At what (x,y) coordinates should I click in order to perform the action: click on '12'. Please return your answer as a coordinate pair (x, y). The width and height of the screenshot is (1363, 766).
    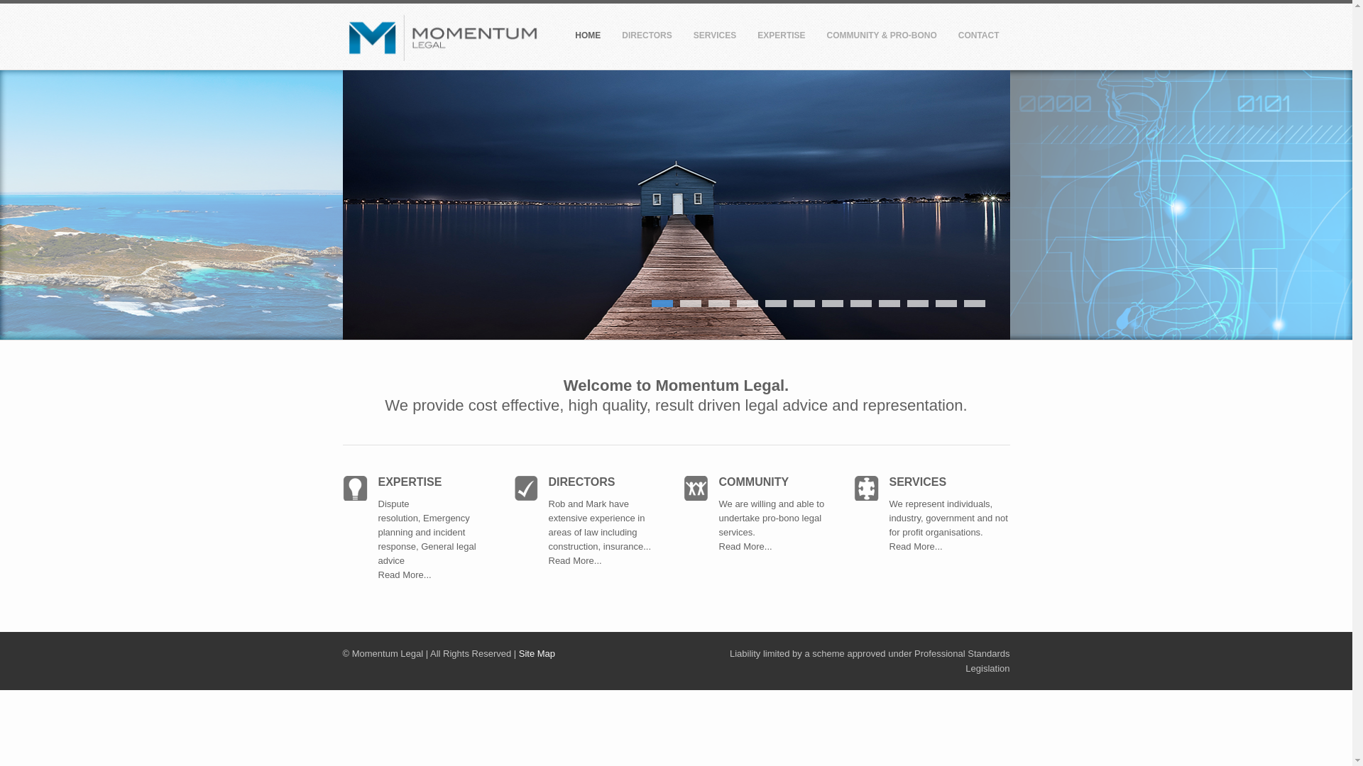
    Looking at the image, I should click on (973, 303).